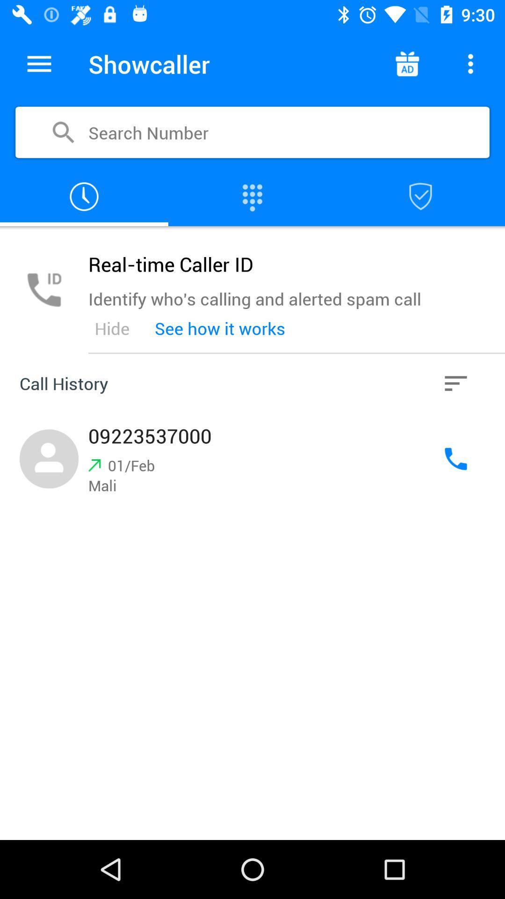 The image size is (505, 899). What do you see at coordinates (84, 196) in the screenshot?
I see `show the date history` at bounding box center [84, 196].